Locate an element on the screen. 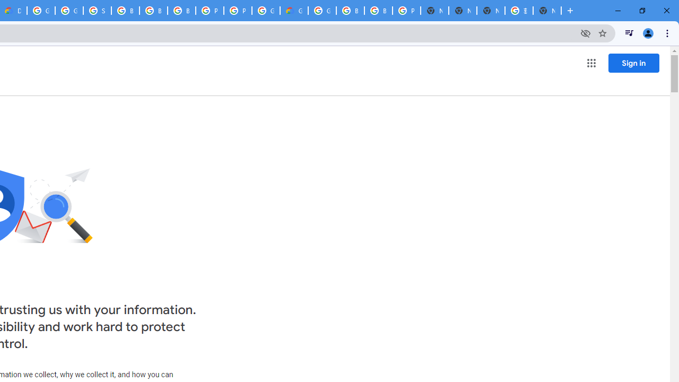 This screenshot has height=382, width=679. 'Sign in - Google Accounts' is located at coordinates (97, 11).